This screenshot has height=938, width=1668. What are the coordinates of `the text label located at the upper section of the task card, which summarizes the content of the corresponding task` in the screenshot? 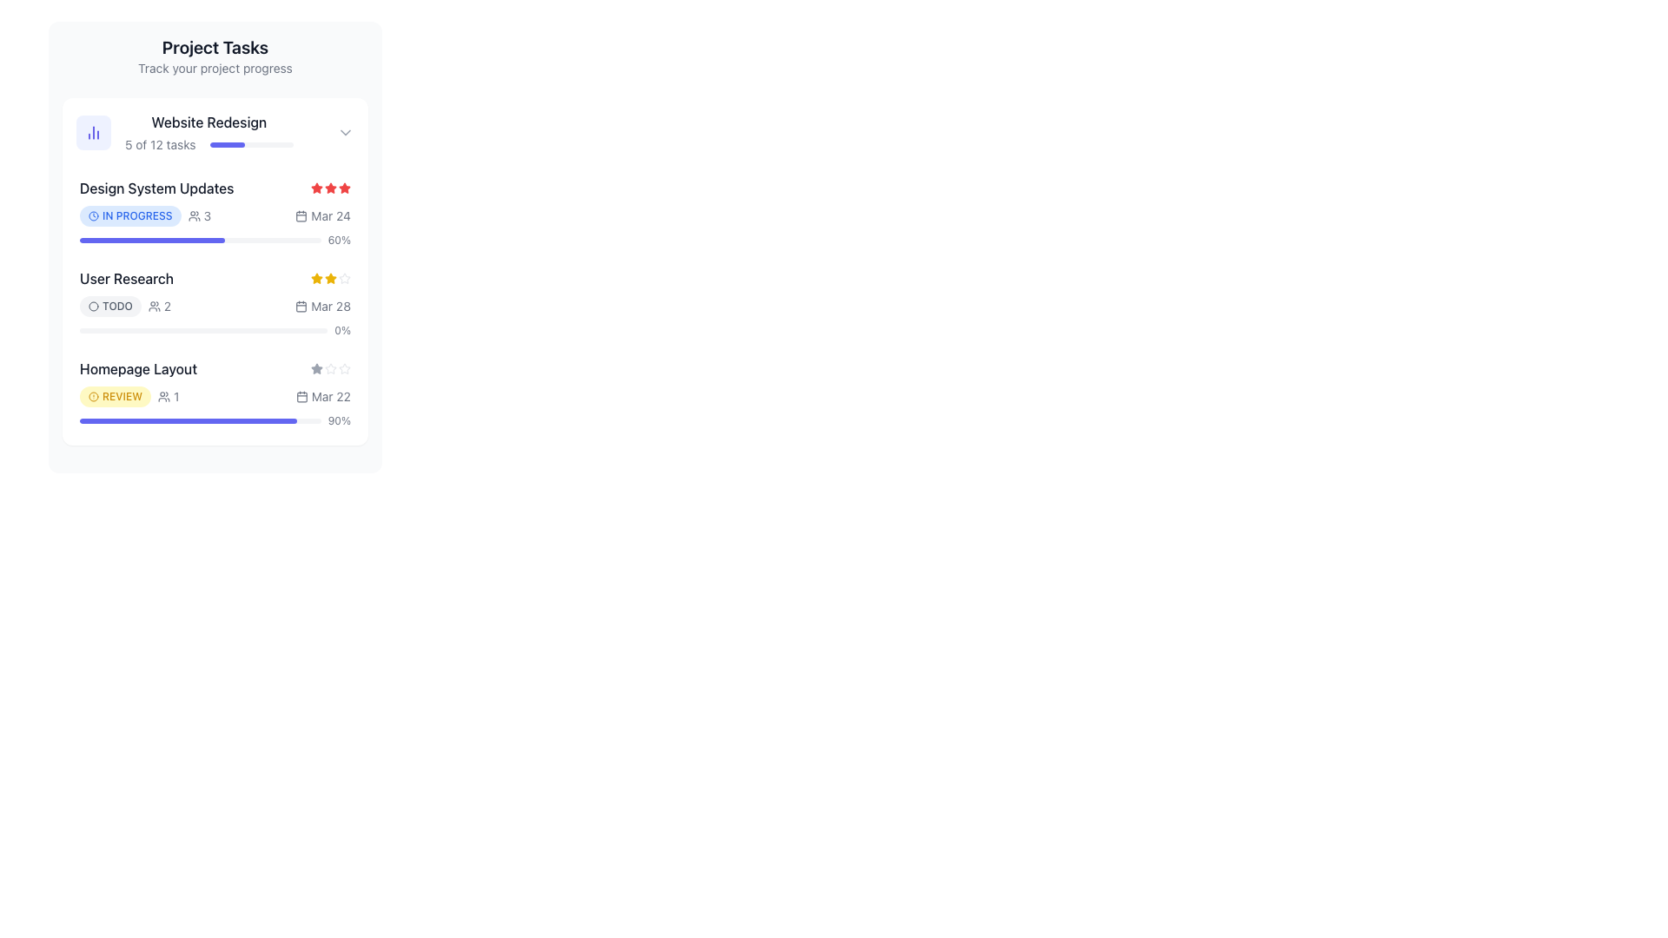 It's located at (208, 122).